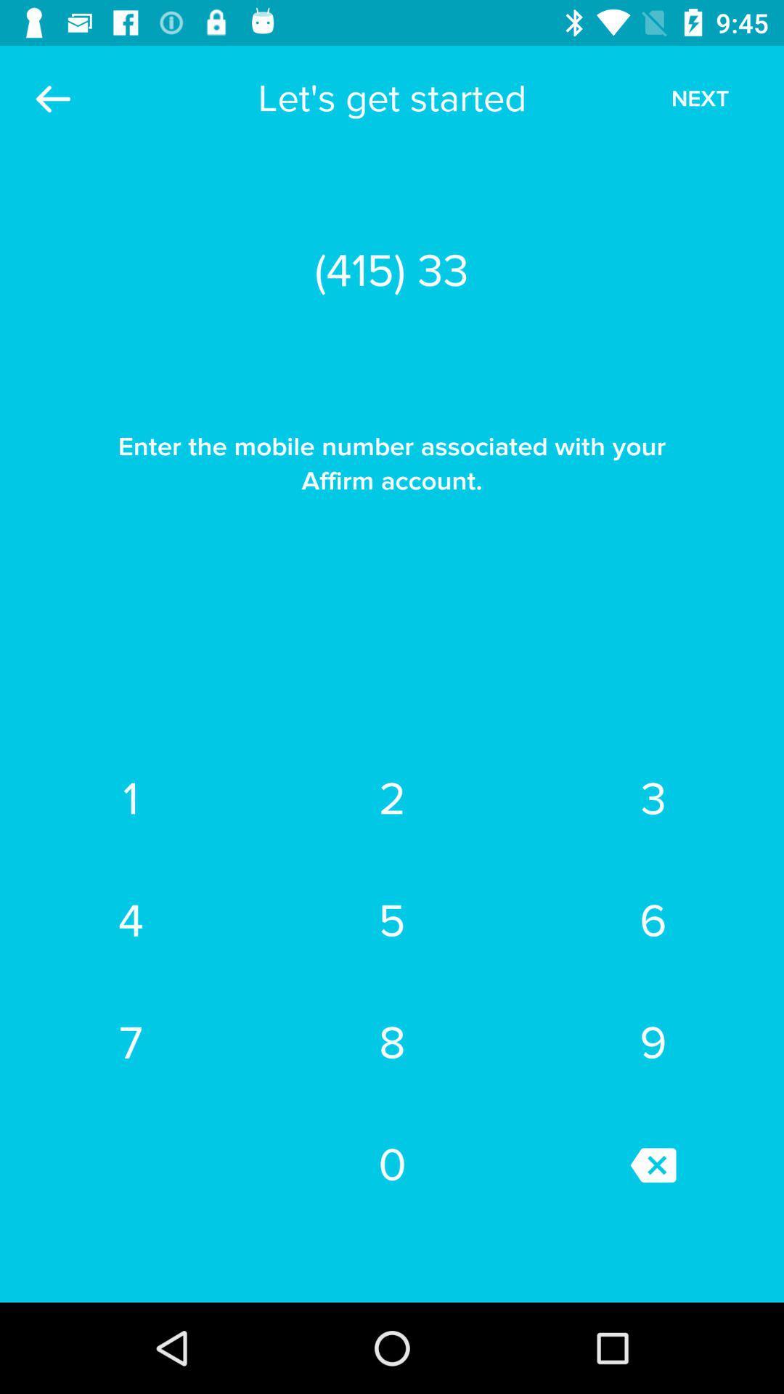 This screenshot has width=784, height=1394. I want to click on the item to the right of 8 item, so click(652, 1165).